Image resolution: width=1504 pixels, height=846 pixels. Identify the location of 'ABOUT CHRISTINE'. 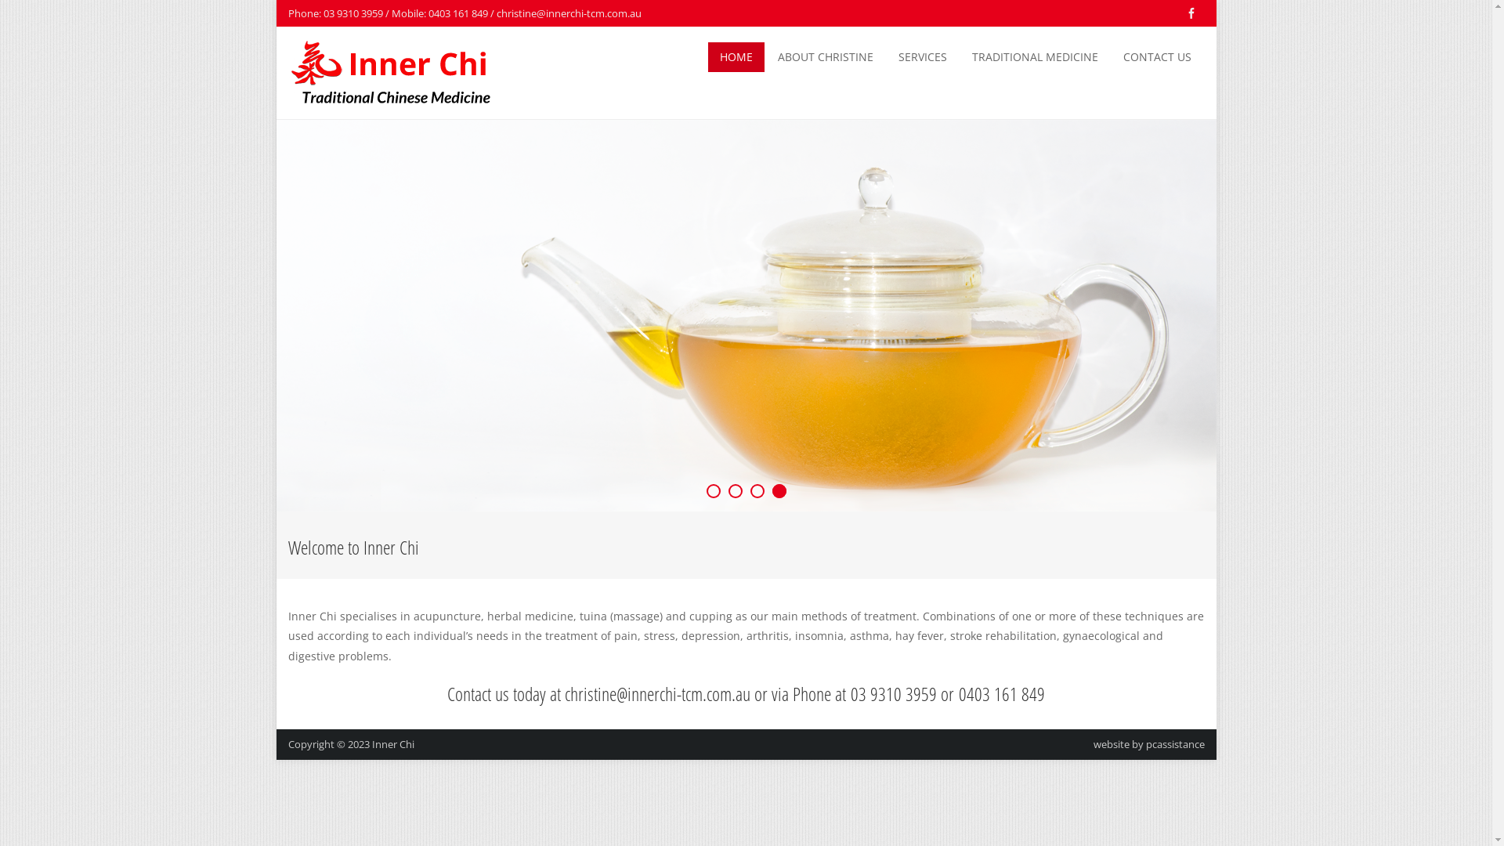
(825, 56).